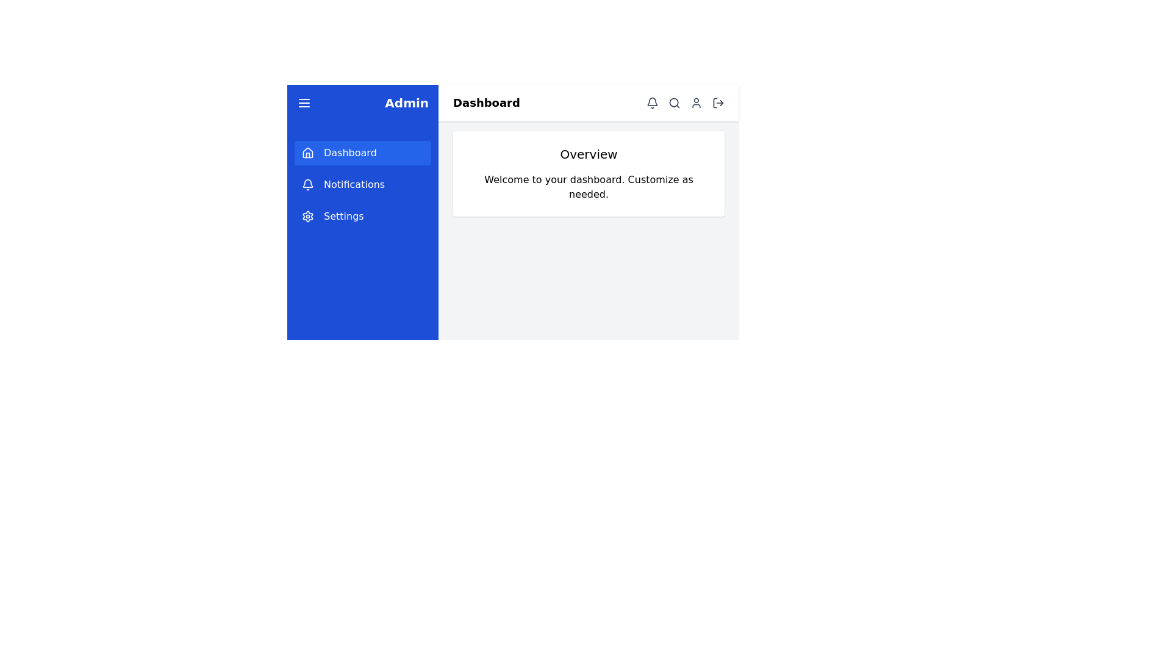  I want to click on the blue 'Dashboard' button containing the house icon, so click(307, 152).